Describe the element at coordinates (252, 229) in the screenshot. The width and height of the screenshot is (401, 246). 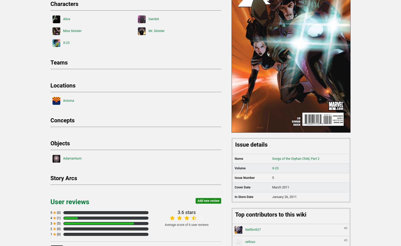
I see `'Nefilim927'` at that location.